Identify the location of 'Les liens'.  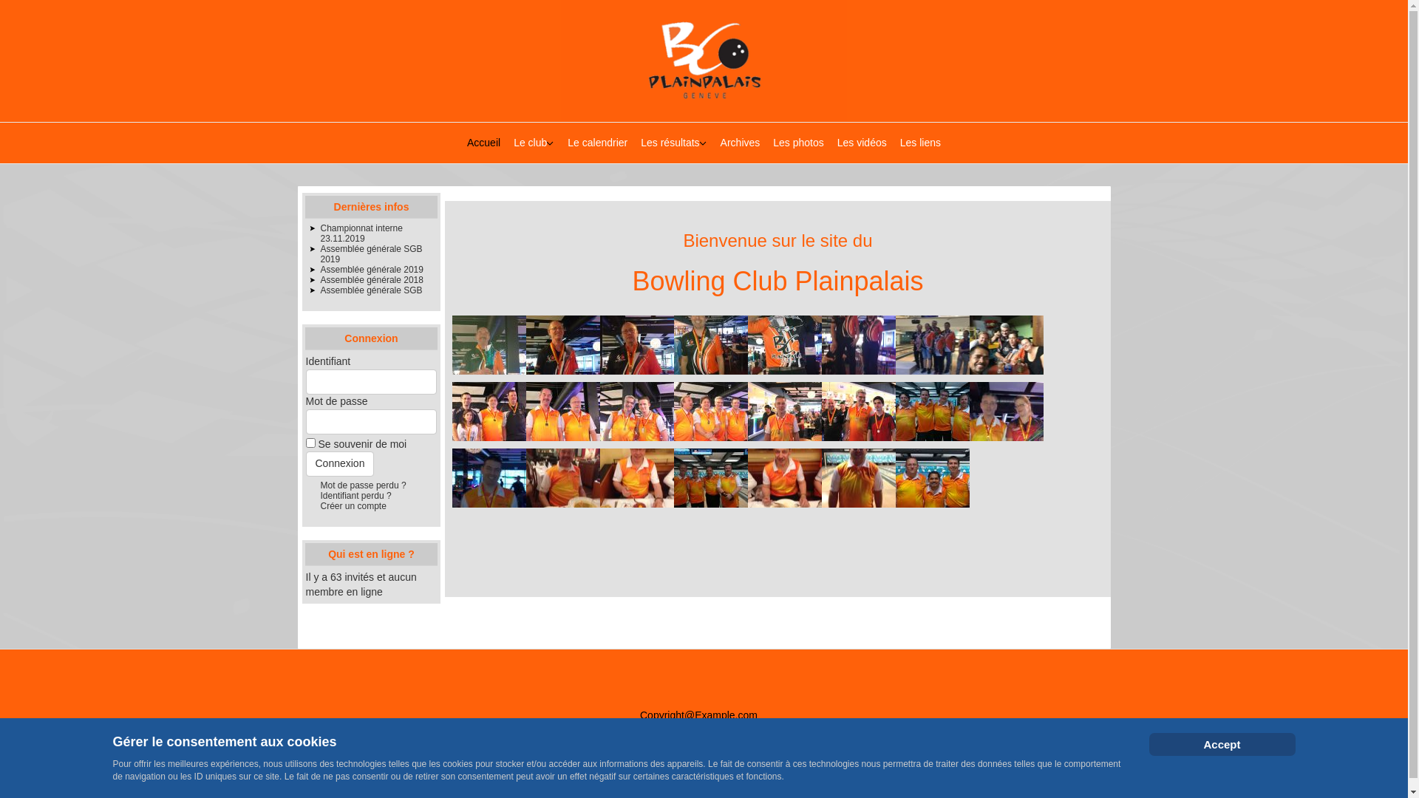
(896, 143).